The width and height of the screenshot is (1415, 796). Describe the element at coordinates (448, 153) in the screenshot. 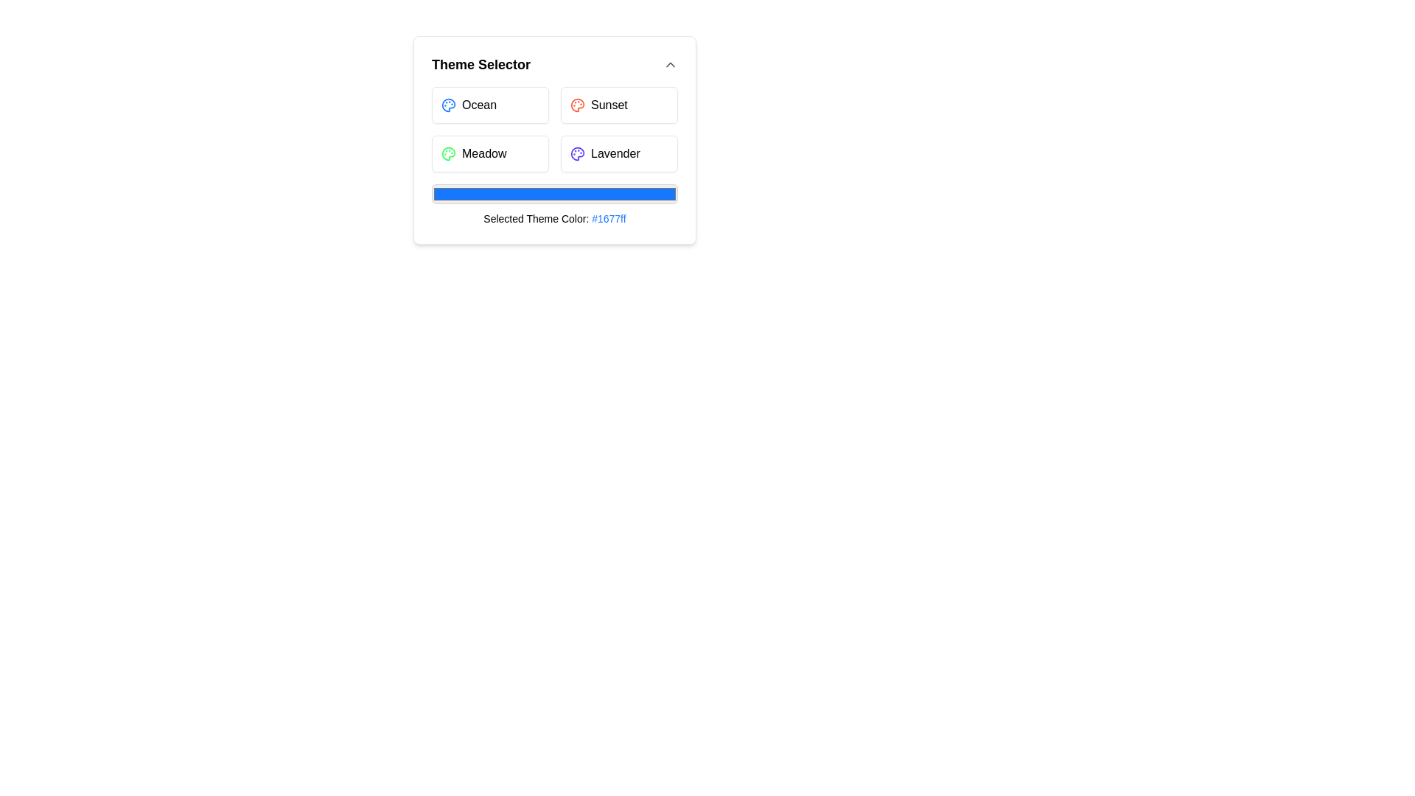

I see `the 'Meadow' theme icon located in the bottom-left corner of the 'Theme Selector' card` at that location.